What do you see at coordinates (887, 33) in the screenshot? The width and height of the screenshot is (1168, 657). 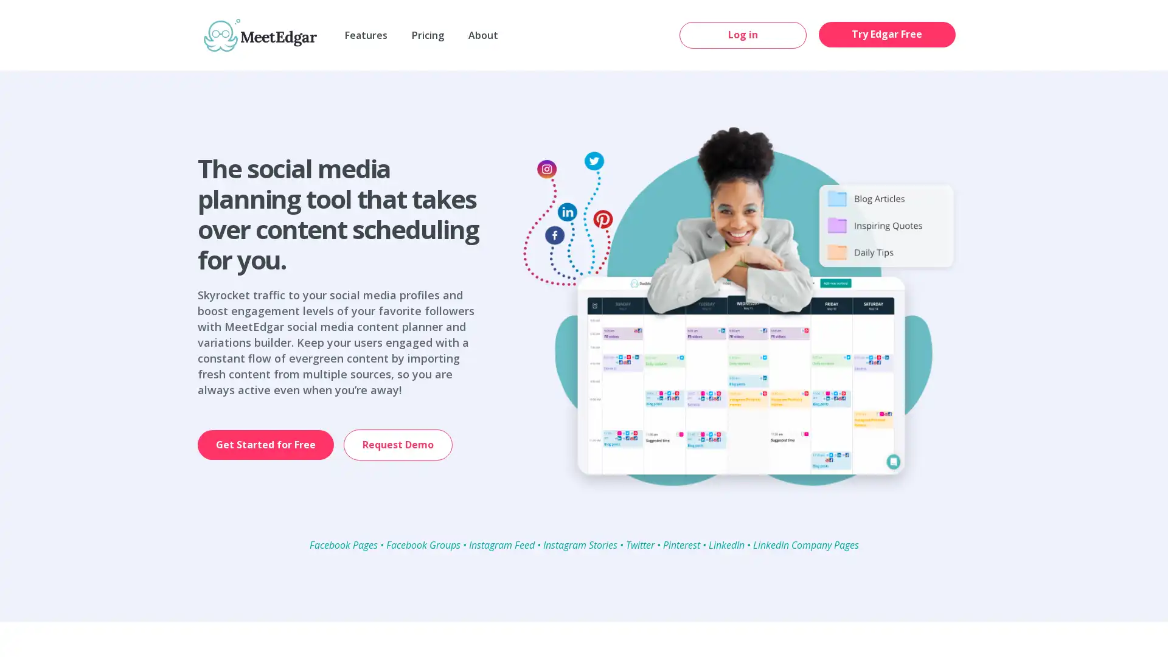 I see `Try Edgar Free` at bounding box center [887, 33].